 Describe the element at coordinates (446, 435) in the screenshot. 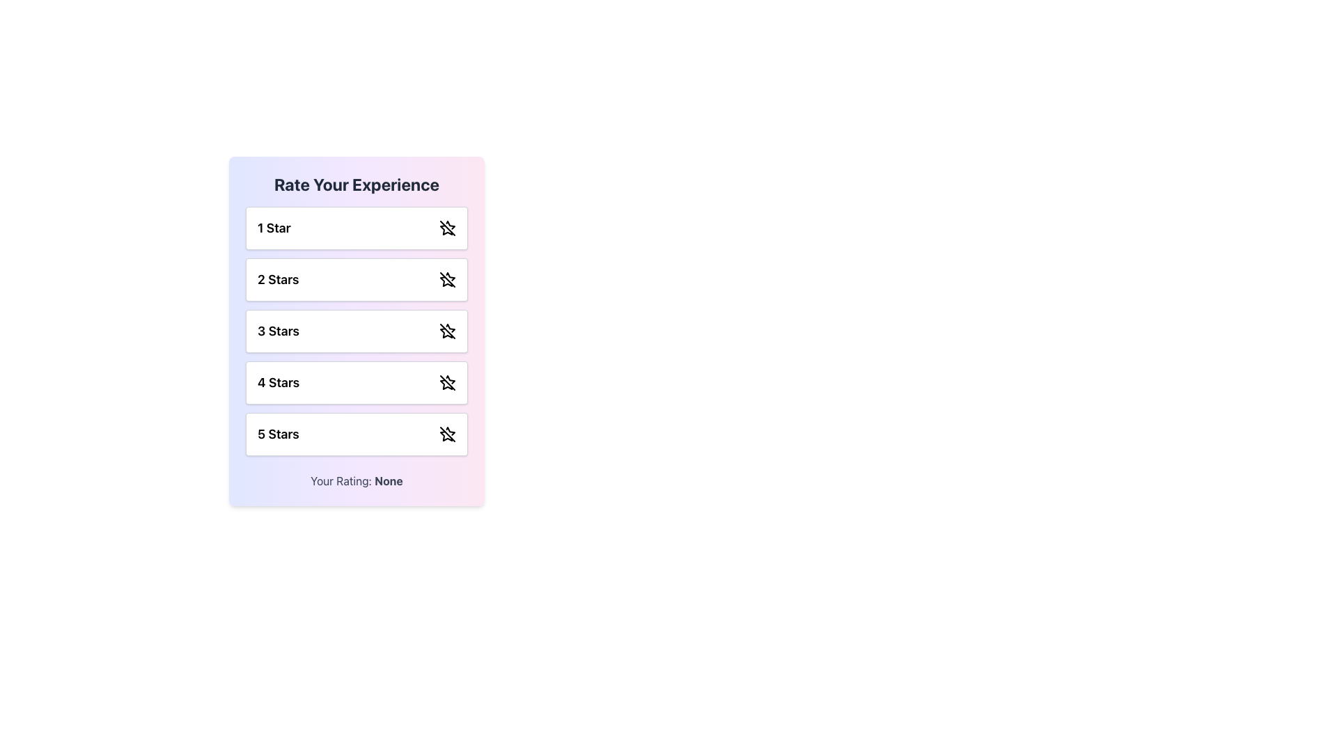

I see `the crossed-out star icon located in the fifth list item labeled '5 Stars' within the 'Rate Your Experience' section` at that location.